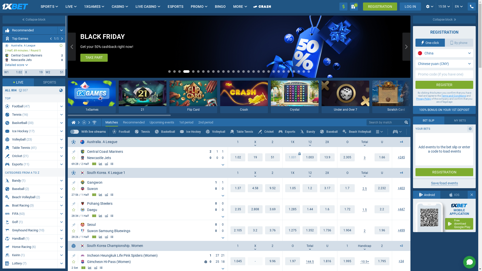 The height and width of the screenshot is (271, 482). I want to click on 'X, so click(24, 72).